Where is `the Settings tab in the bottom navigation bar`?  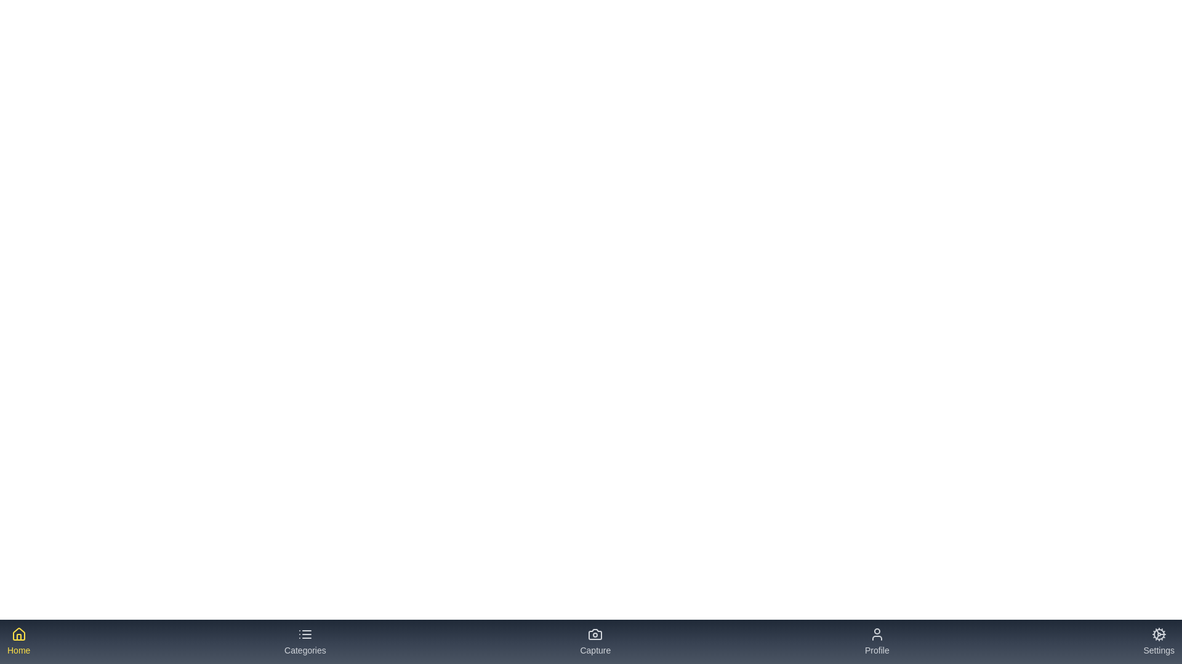
the Settings tab in the bottom navigation bar is located at coordinates (1158, 641).